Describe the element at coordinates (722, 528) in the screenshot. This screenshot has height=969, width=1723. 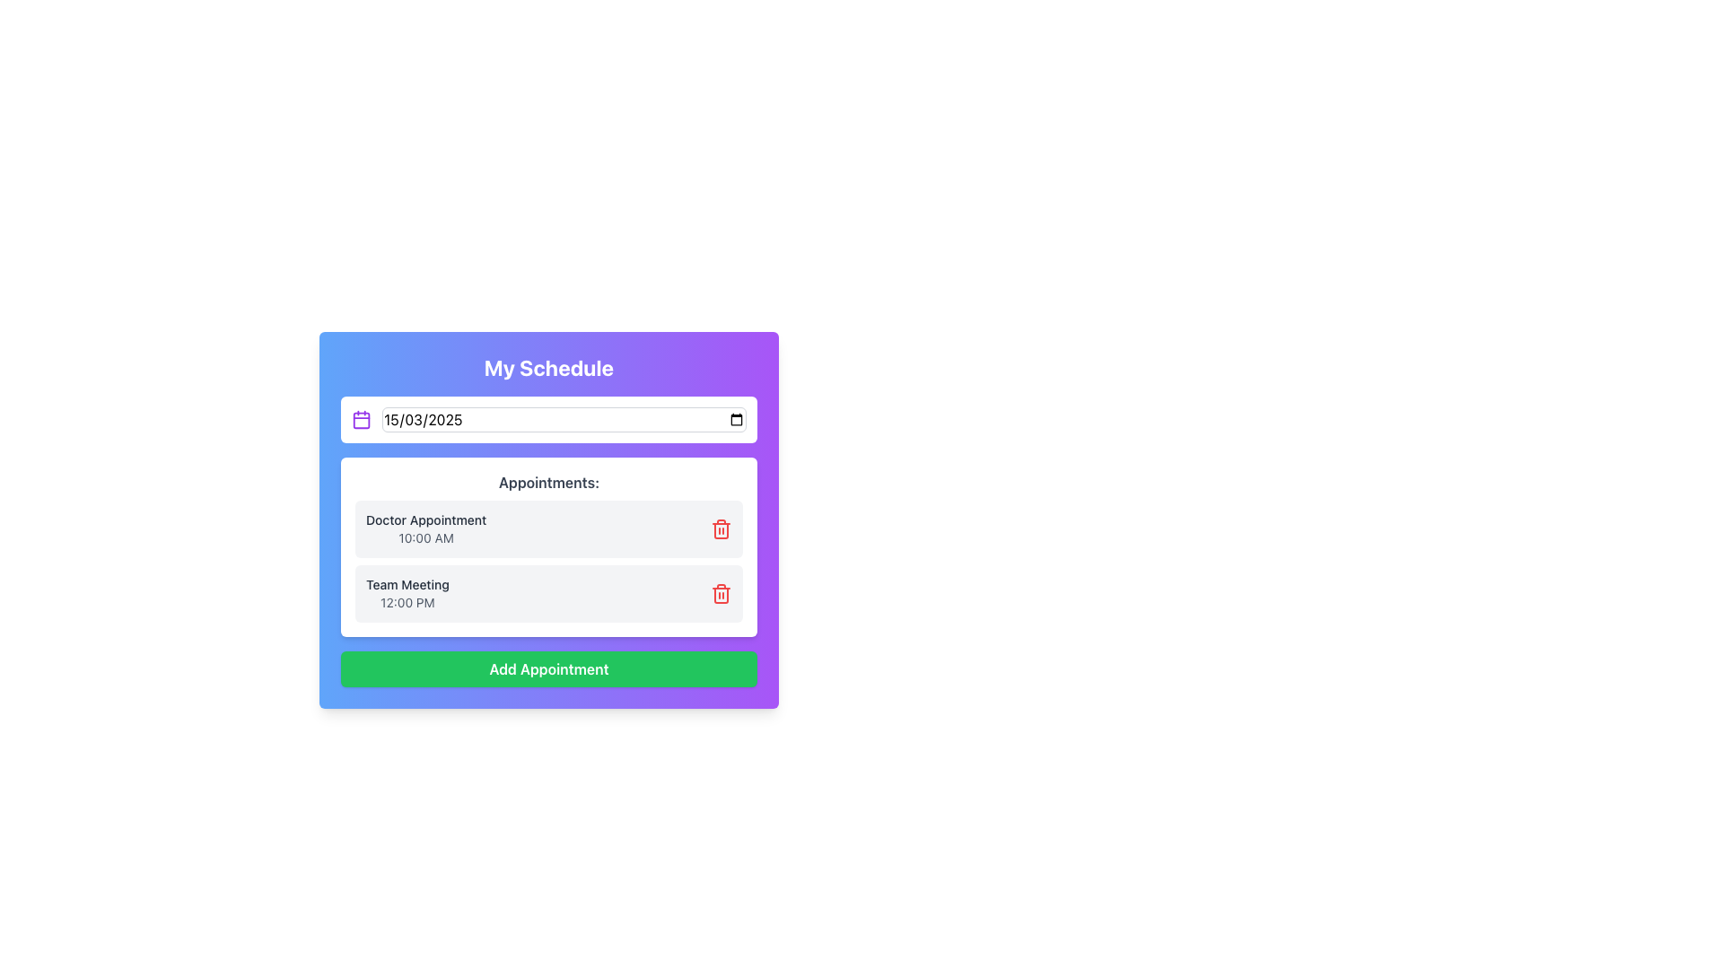
I see `the deletion icon button located on the far right of the 'Doctor Appointment' item` at that location.